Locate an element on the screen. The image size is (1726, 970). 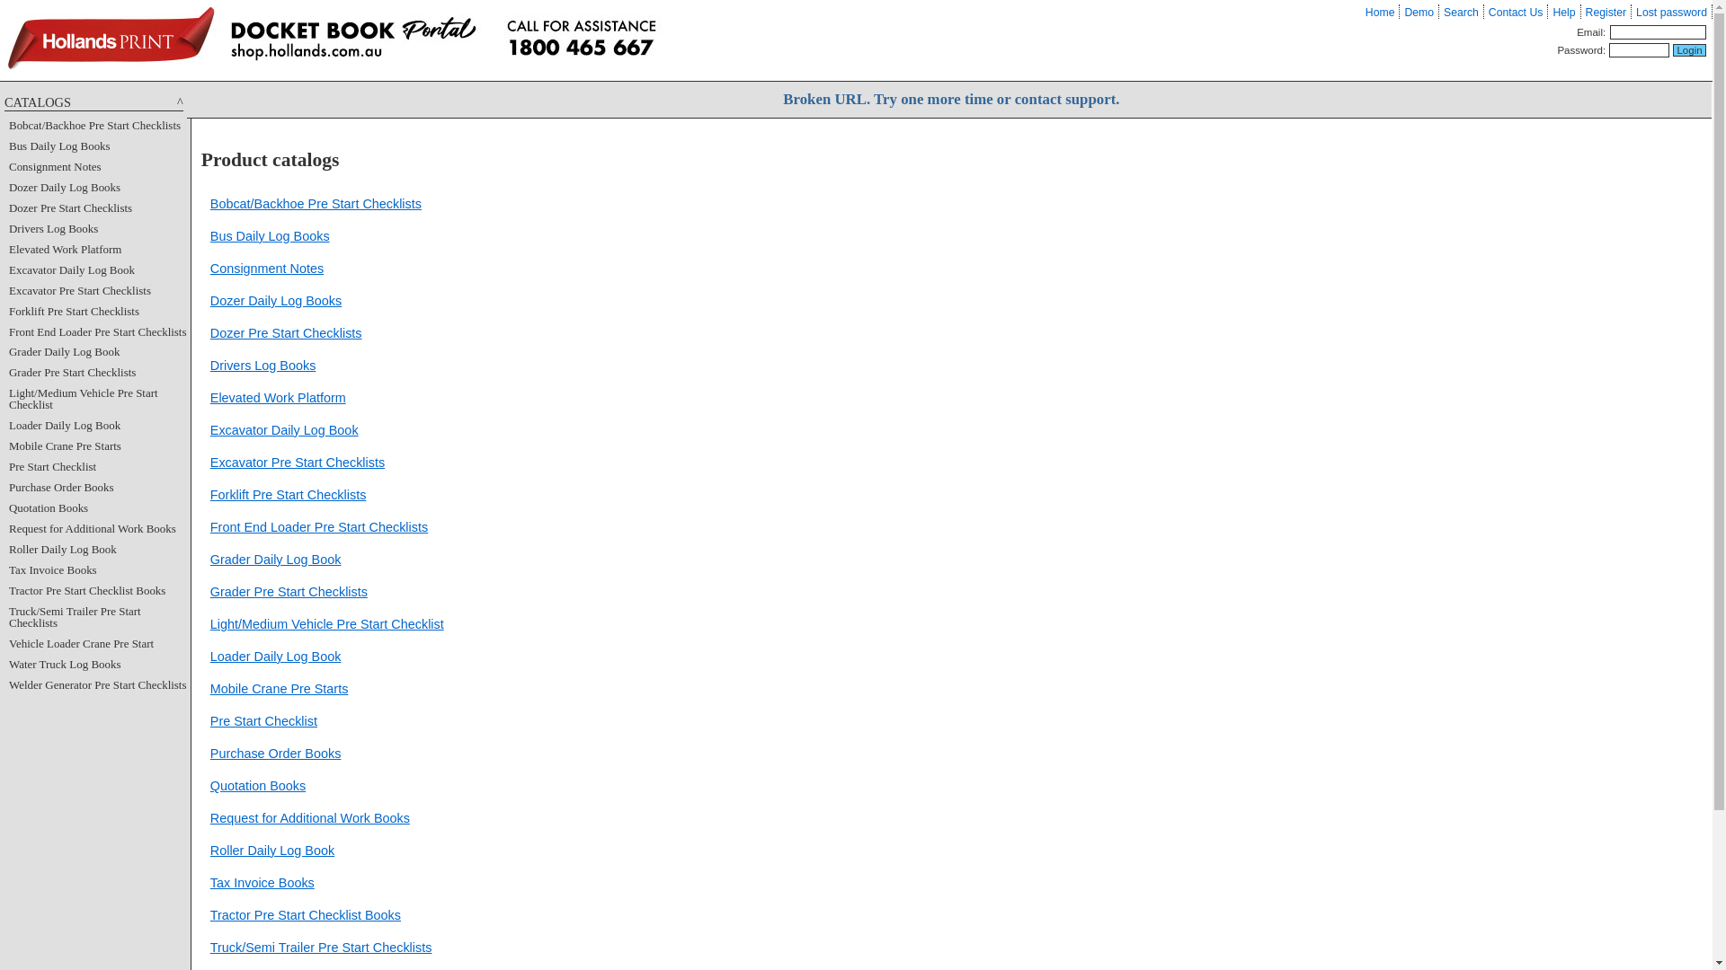
'Contact Us' is located at coordinates (1515, 13).